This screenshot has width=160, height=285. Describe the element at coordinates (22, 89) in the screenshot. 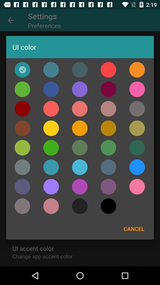

I see `ui color` at that location.